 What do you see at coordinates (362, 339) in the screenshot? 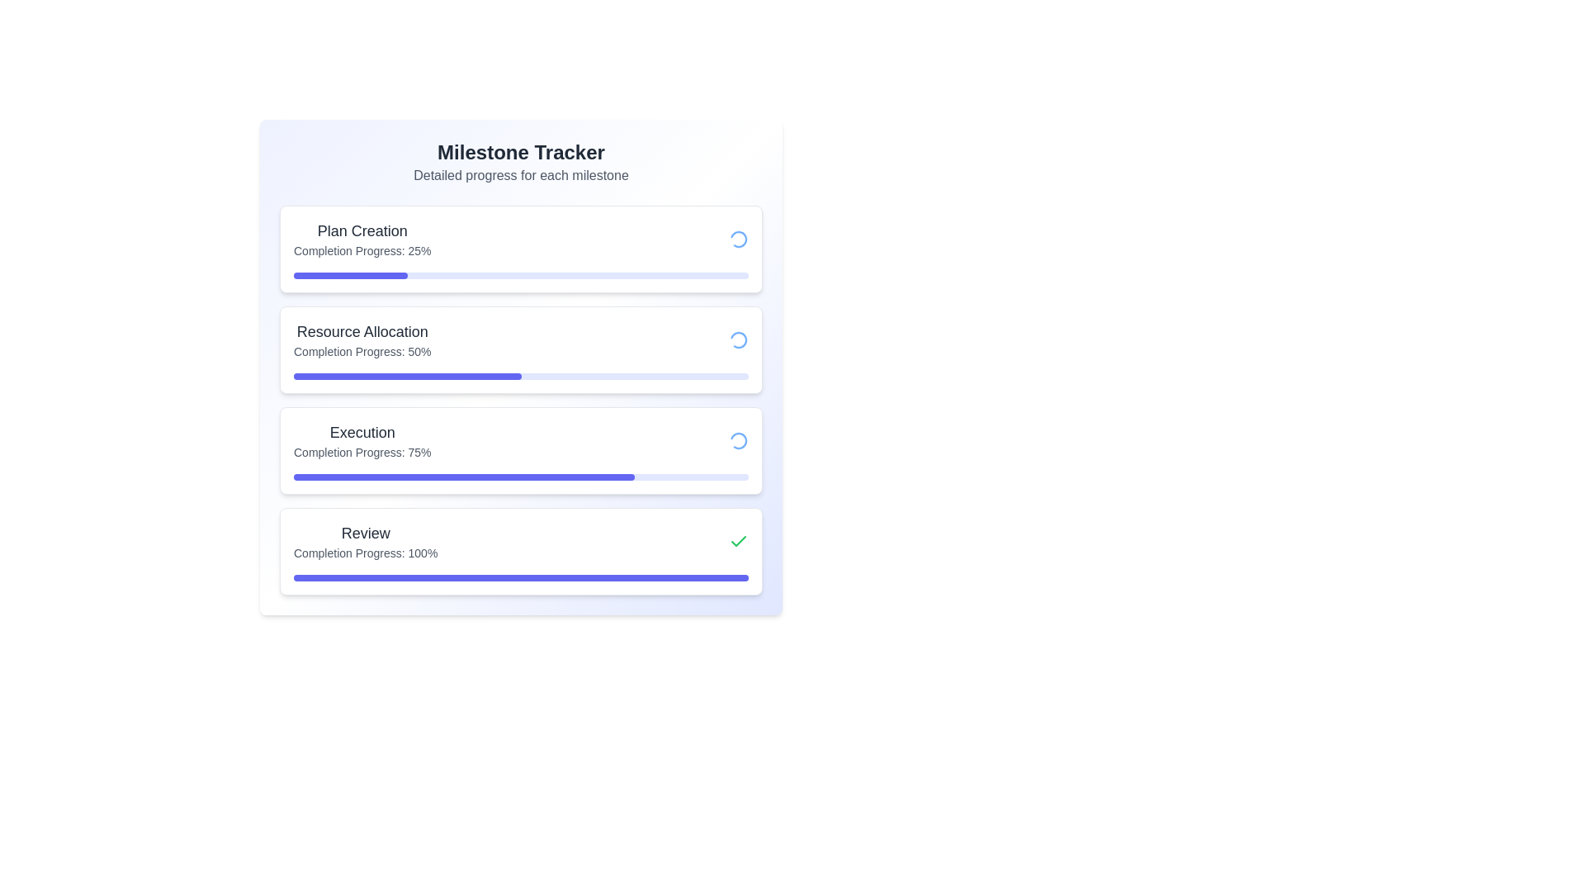
I see `text displayed in the 'Resource Allocation' card, which shows 'Completion Progress: 50%'` at bounding box center [362, 339].